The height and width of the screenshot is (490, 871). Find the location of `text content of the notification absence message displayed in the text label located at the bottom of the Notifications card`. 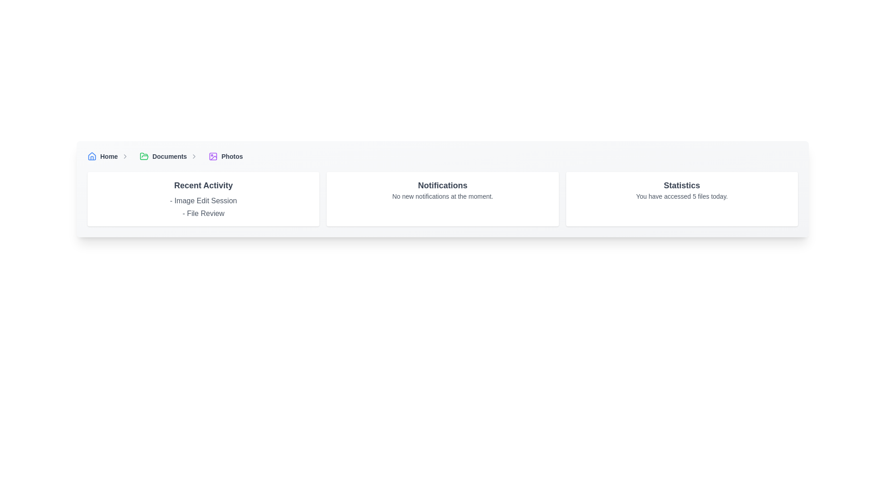

text content of the notification absence message displayed in the text label located at the bottom of the Notifications card is located at coordinates (442, 196).